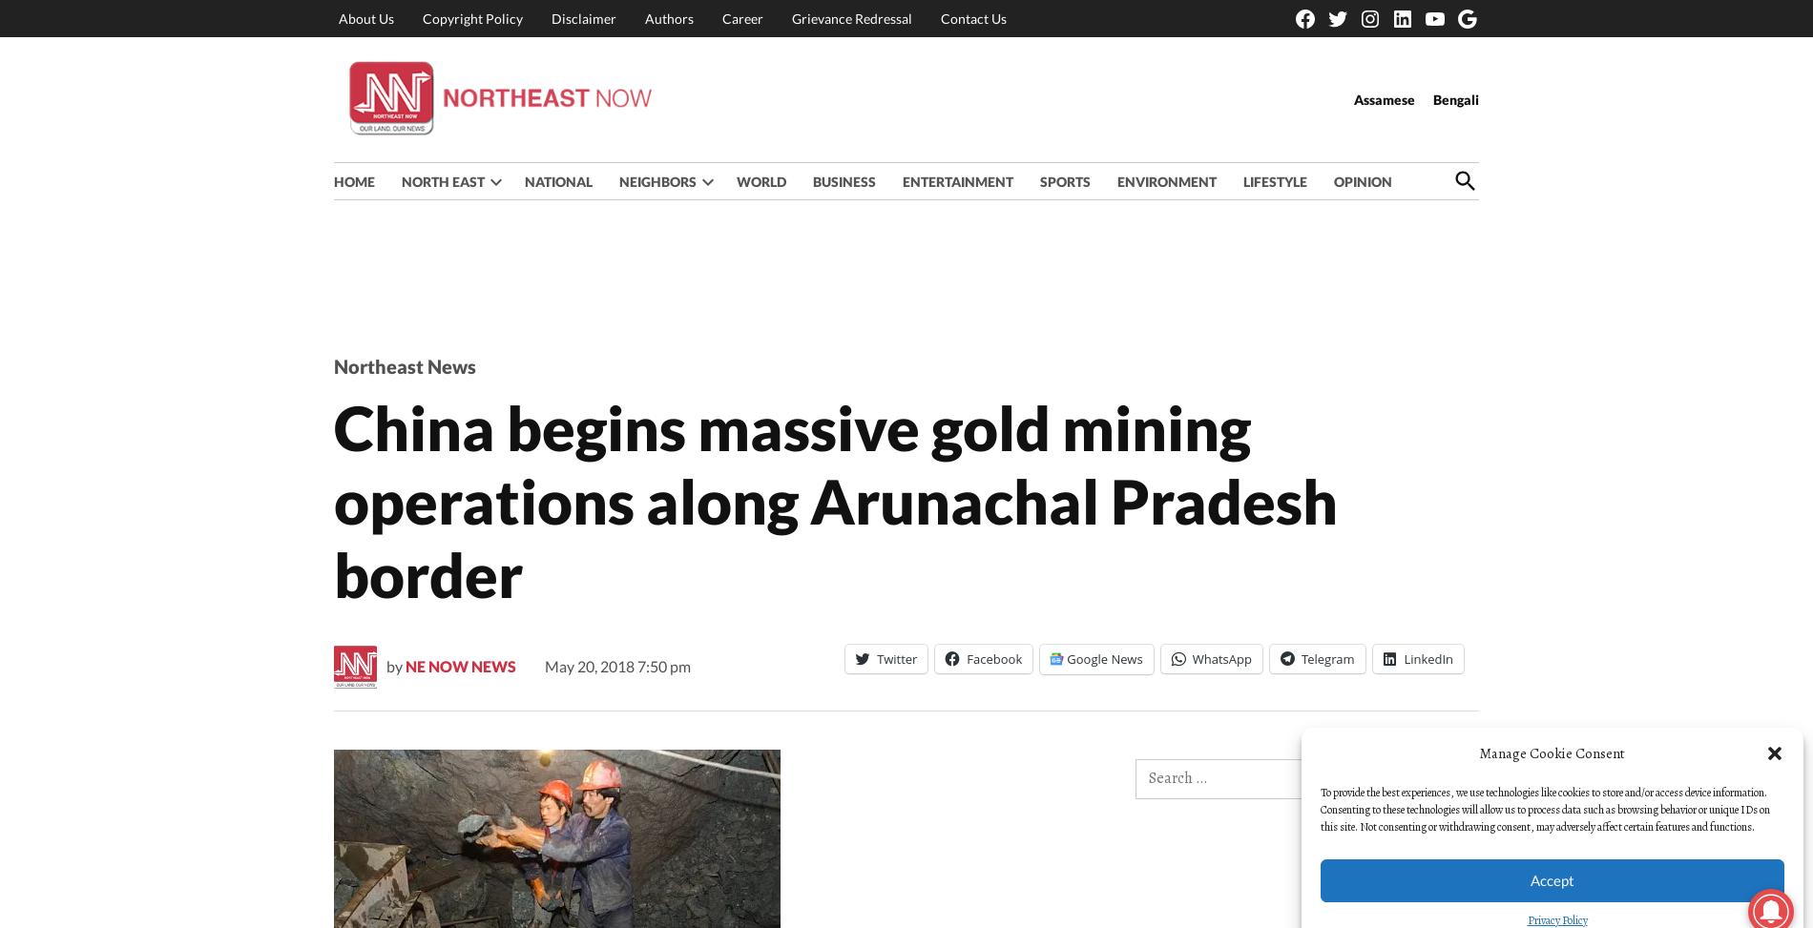 The width and height of the screenshot is (1813, 928). I want to click on 'Grievance Redressal', so click(851, 17).